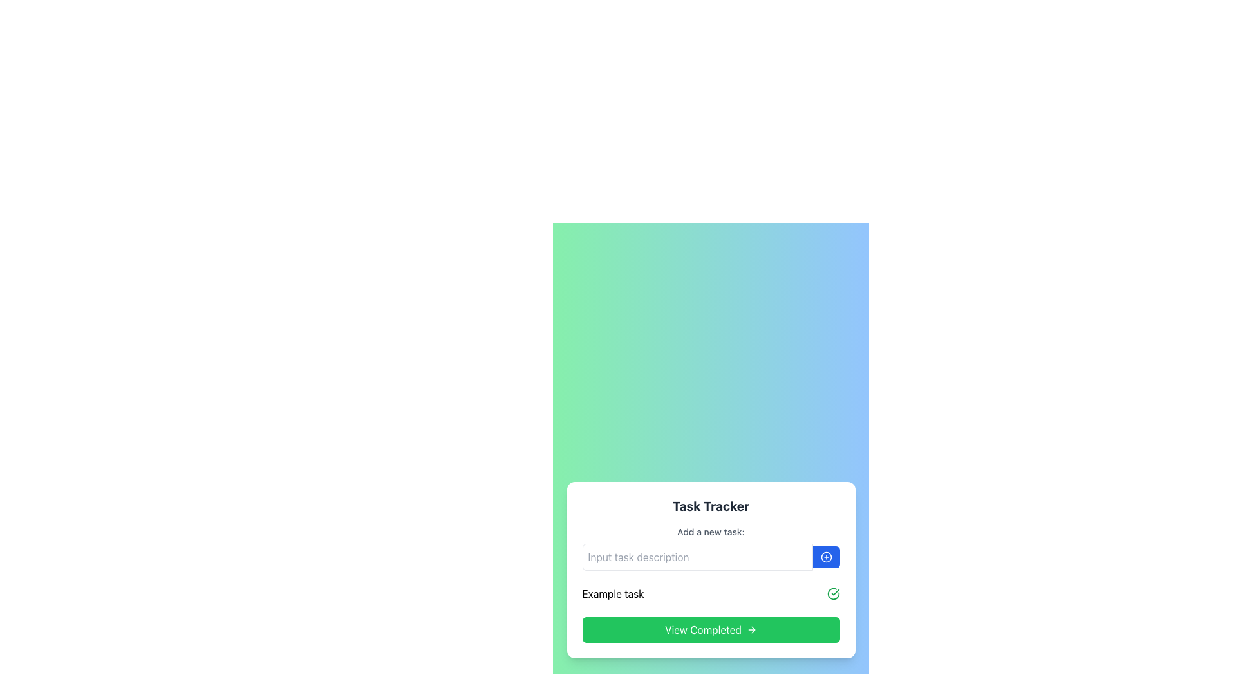 This screenshot has height=695, width=1236. What do you see at coordinates (753, 629) in the screenshot?
I see `the right-pointing arrow icon within the graphic icon set` at bounding box center [753, 629].